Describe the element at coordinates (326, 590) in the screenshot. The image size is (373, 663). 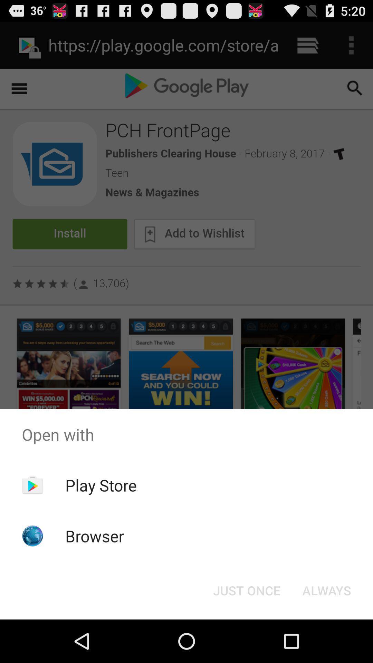
I see `item next to just once` at that location.